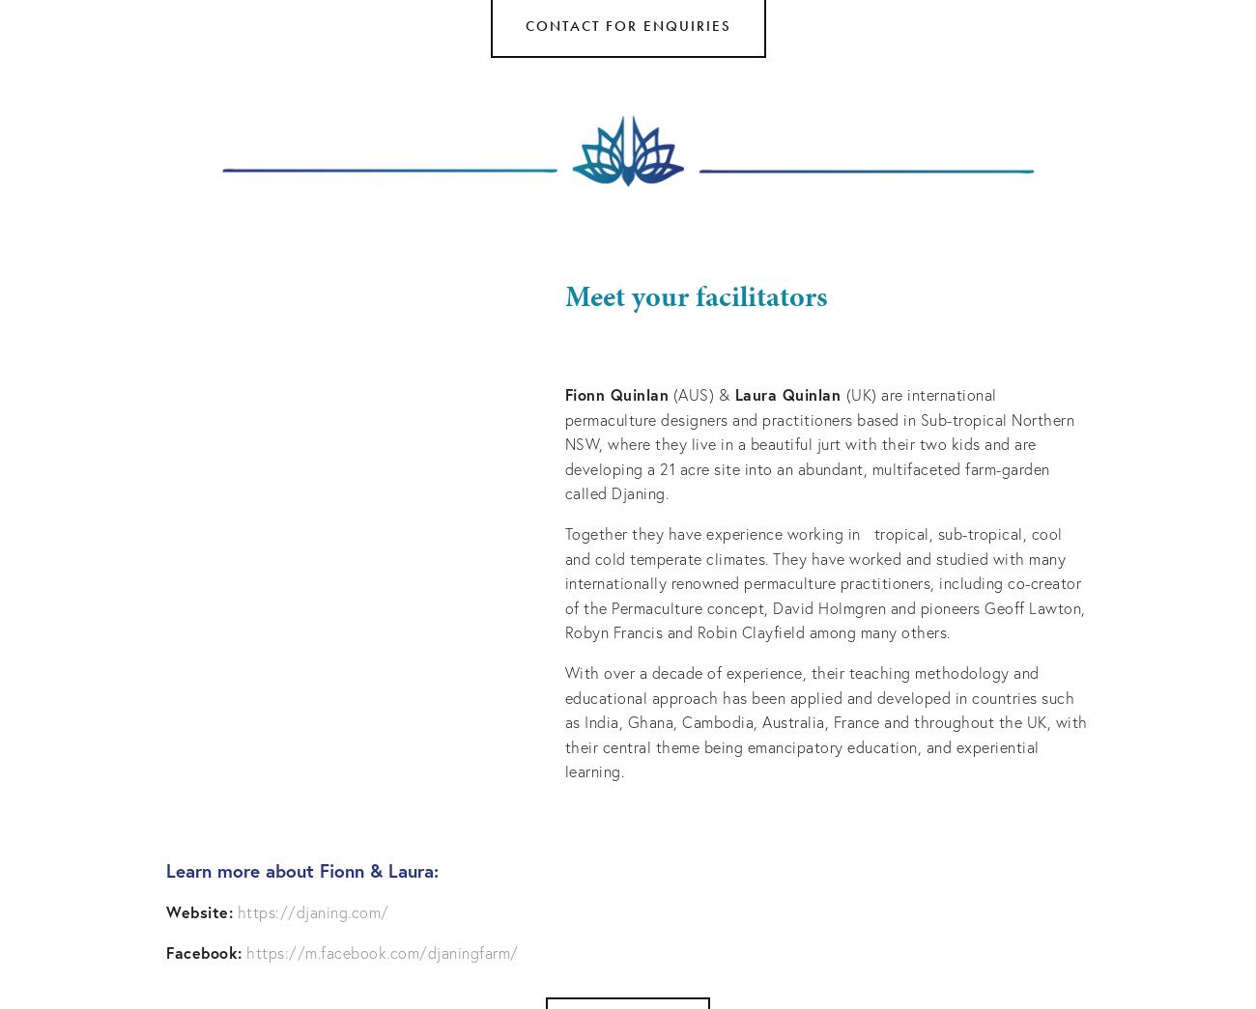 Image resolution: width=1256 pixels, height=1009 pixels. What do you see at coordinates (382, 950) in the screenshot?
I see `'https://m.facebook.com/djaningfarm/'` at bounding box center [382, 950].